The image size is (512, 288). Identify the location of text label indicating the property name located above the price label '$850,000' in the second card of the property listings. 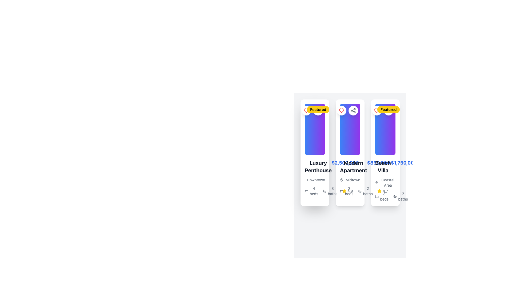
(353, 166).